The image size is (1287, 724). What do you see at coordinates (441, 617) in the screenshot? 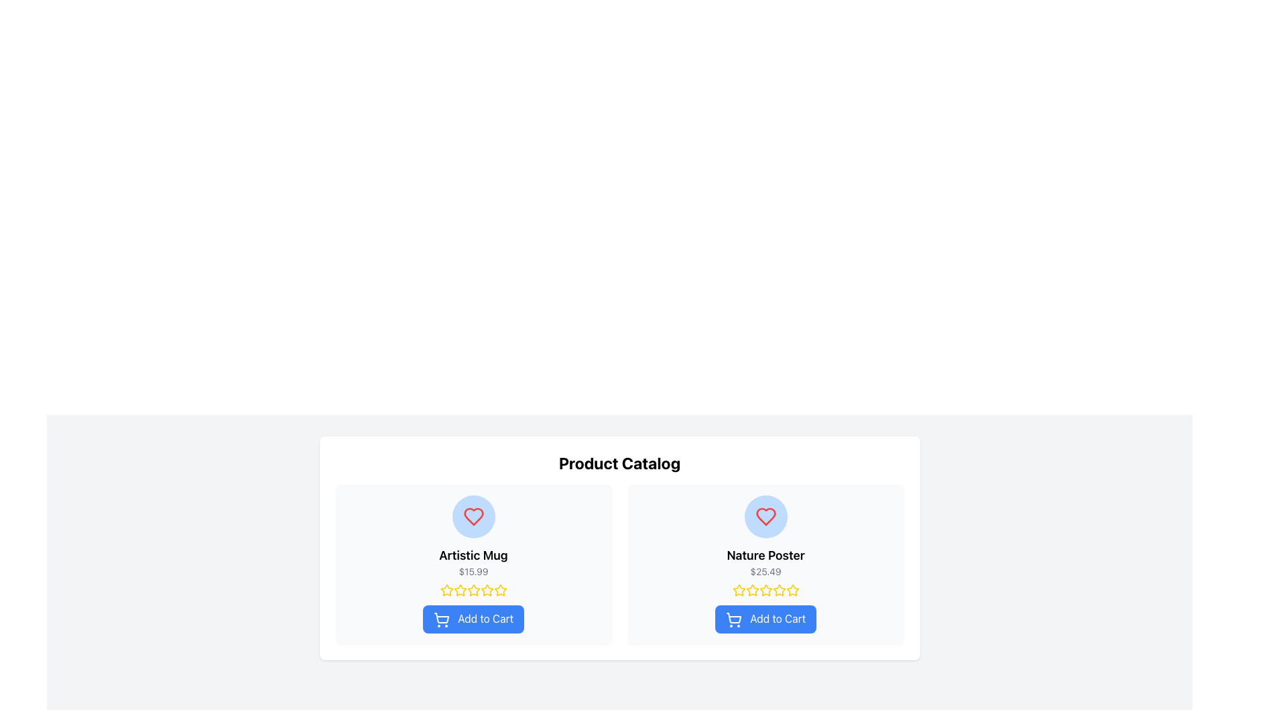
I see `the shopping cart icon located on the left side of the 'Add to Cart' button for the 'Artistic Mug' product` at bounding box center [441, 617].